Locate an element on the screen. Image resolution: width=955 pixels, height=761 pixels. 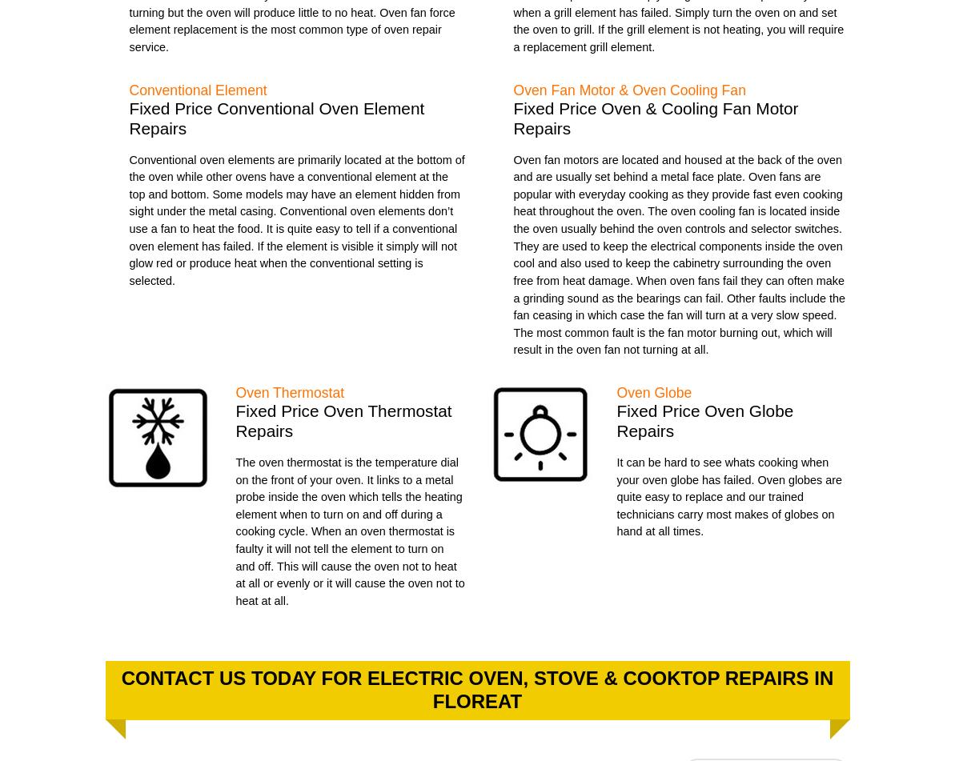
'The oven thermostat is the temperature dial on the front of your oven. It links to a metal probe inside the oven which tells the heating element when to turn on and off during a cooking cycle. When an oven thermostat is faulty it will not tell the element to turn on and off. This will cause the oven not to heat at all or evenly or it will cause the oven not to heat at all.' is located at coordinates (234, 530).